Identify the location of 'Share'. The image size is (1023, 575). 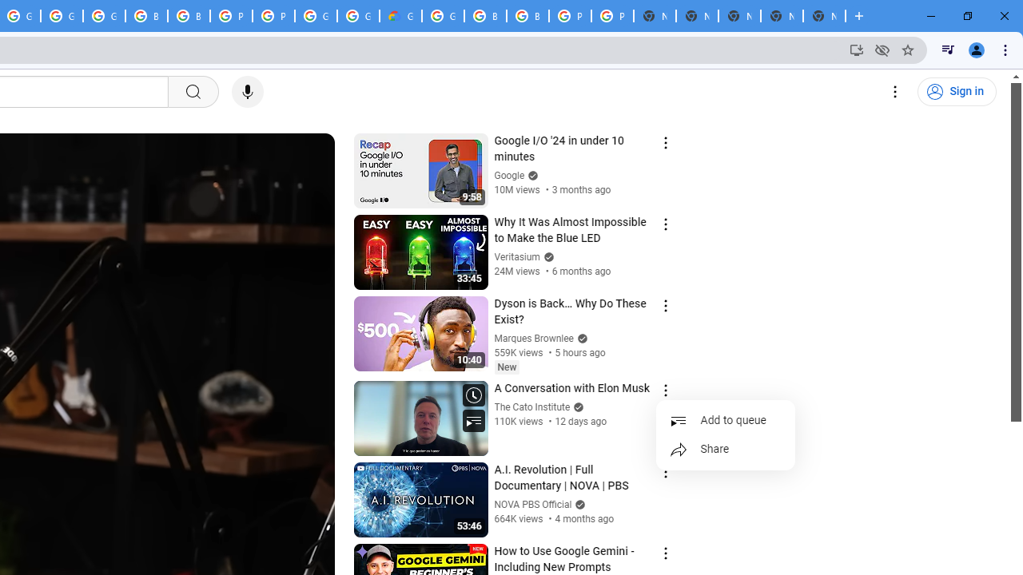
(725, 450).